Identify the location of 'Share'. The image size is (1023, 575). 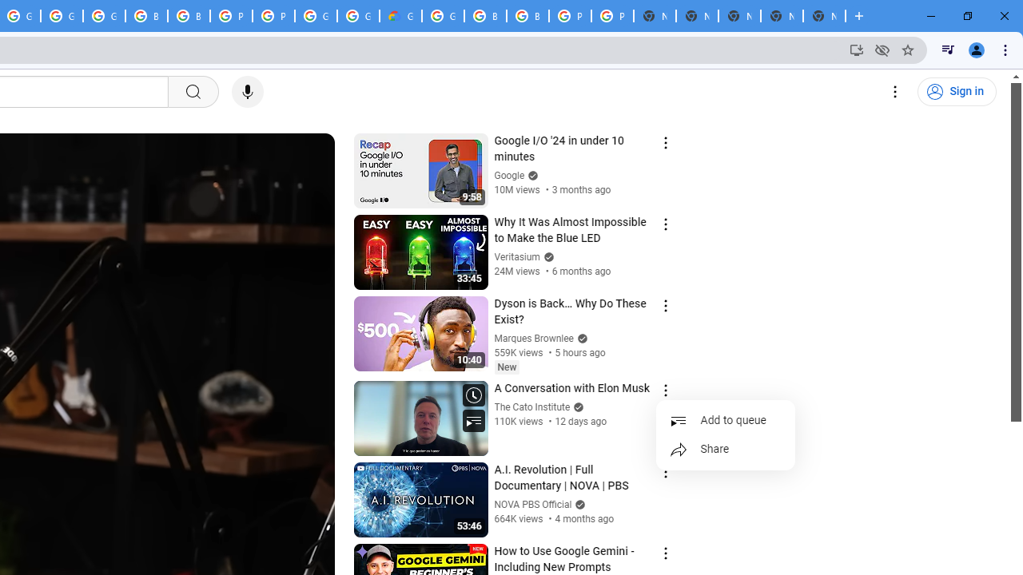
(725, 450).